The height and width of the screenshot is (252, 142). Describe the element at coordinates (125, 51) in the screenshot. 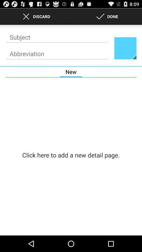

I see `the star icon` at that location.